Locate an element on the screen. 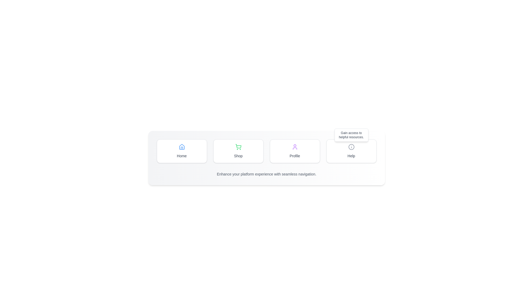 Image resolution: width=507 pixels, height=285 pixels. the Navigation Menu element is located at coordinates (266, 151).